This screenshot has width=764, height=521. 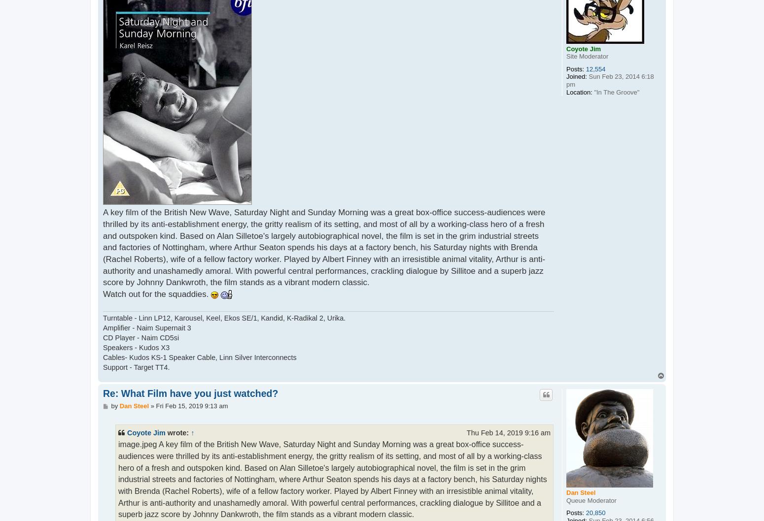 What do you see at coordinates (508, 432) in the screenshot?
I see `'Thu Feb 14, 2019 9:16 am'` at bounding box center [508, 432].